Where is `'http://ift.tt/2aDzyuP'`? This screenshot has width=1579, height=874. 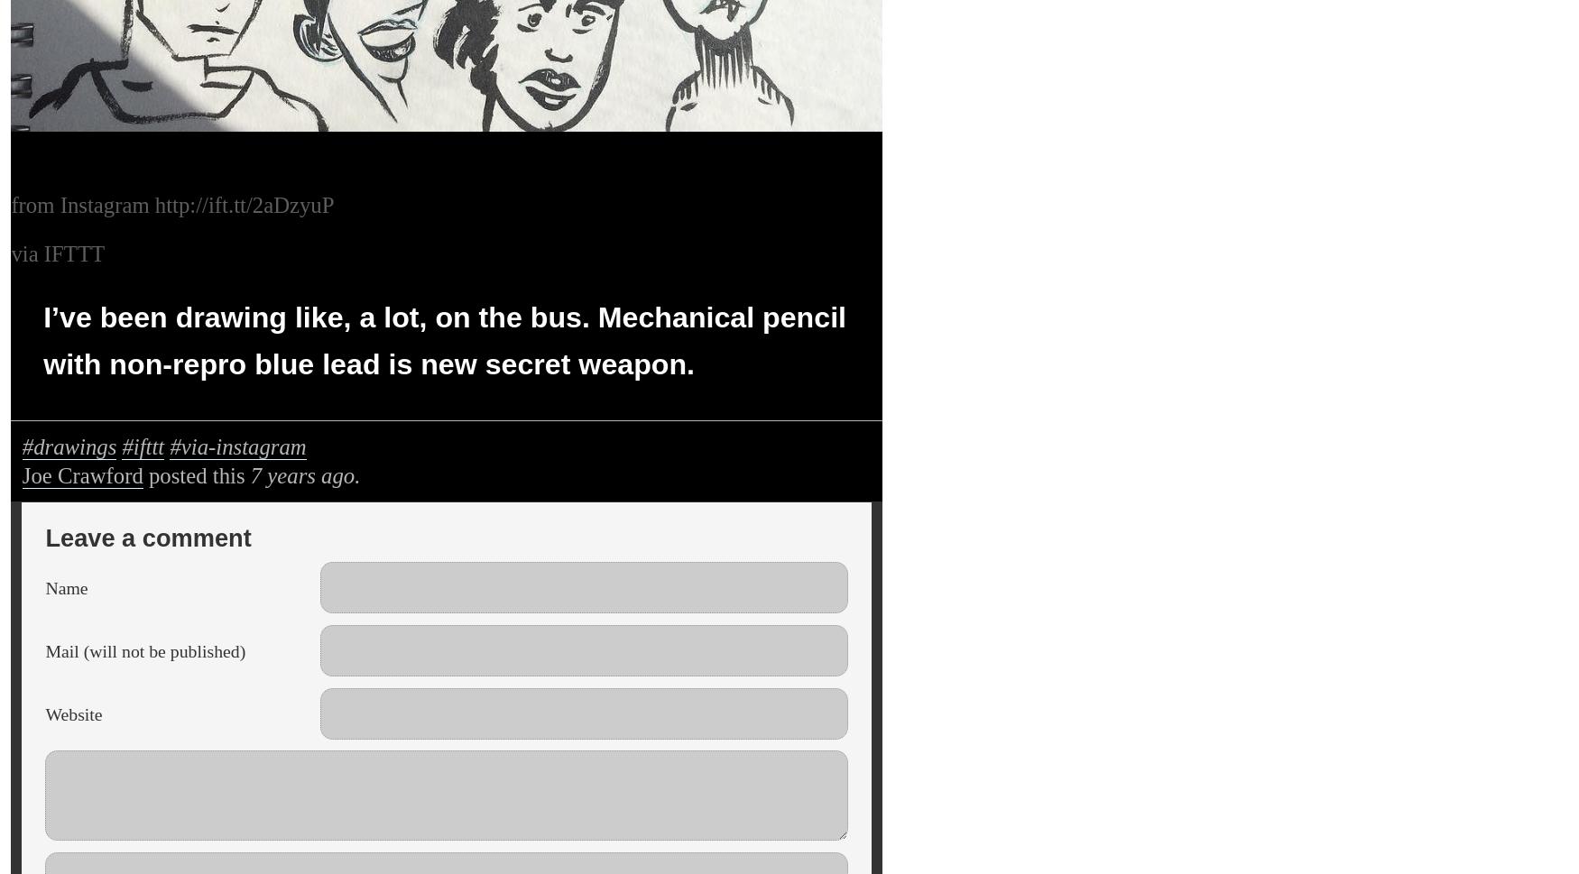
'http://ift.tt/2aDzyuP' is located at coordinates (152, 203).